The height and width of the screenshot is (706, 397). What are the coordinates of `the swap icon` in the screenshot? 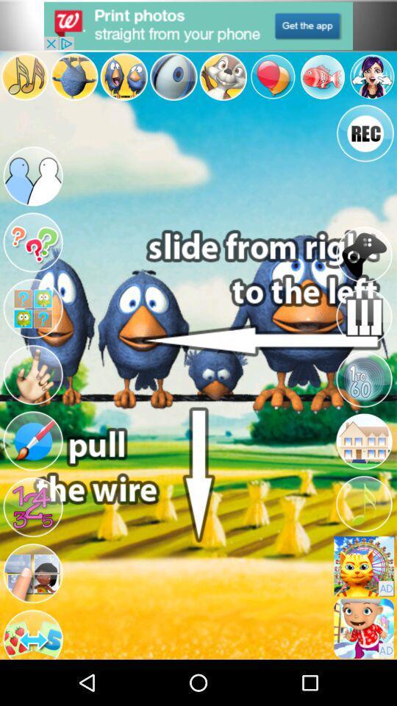 It's located at (32, 677).